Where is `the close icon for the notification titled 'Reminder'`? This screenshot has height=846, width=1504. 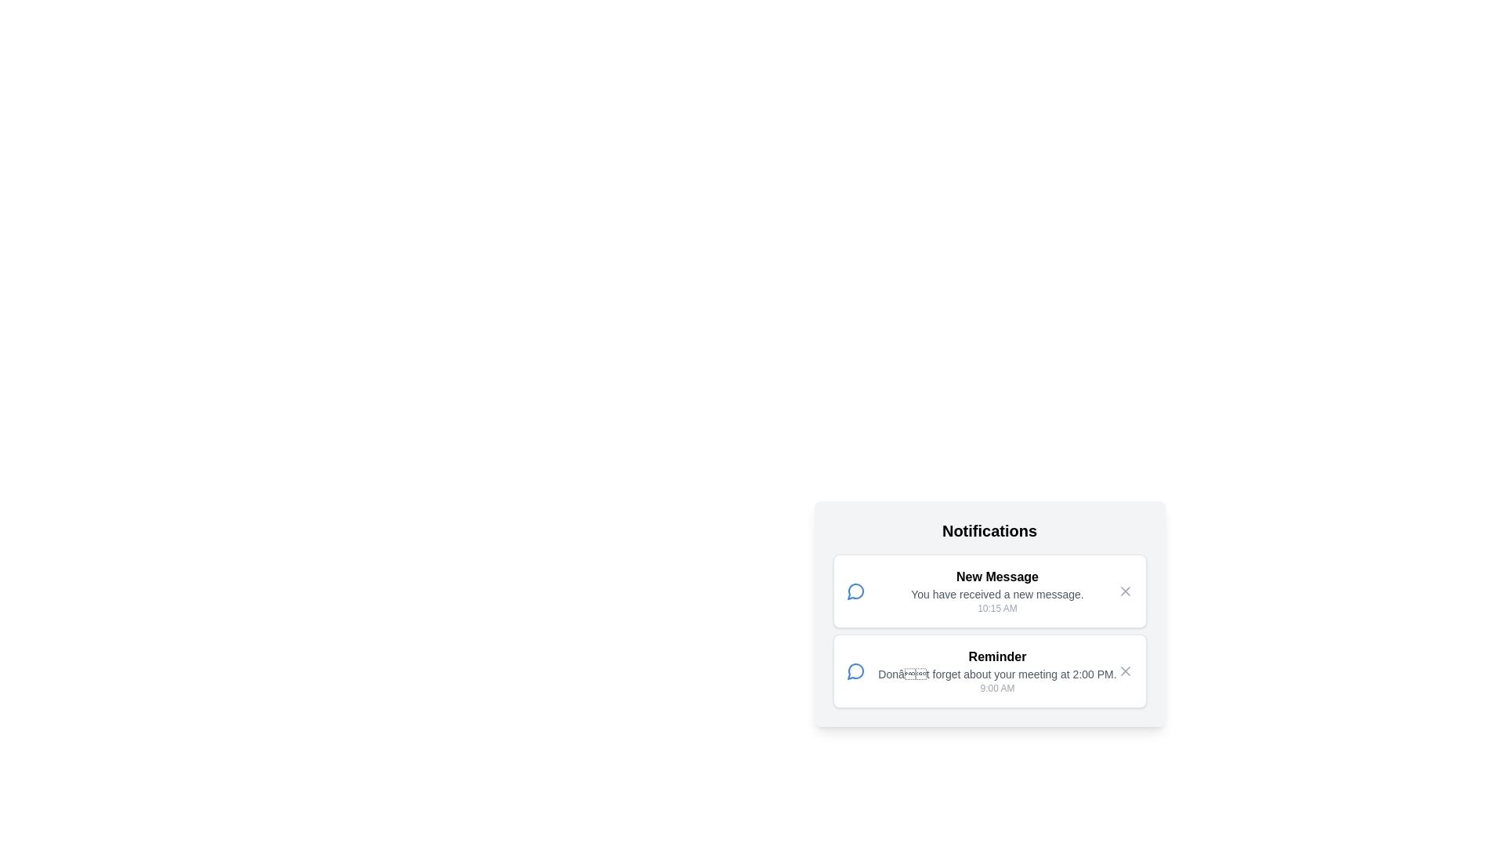 the close icon for the notification titled 'Reminder' is located at coordinates (1124, 670).